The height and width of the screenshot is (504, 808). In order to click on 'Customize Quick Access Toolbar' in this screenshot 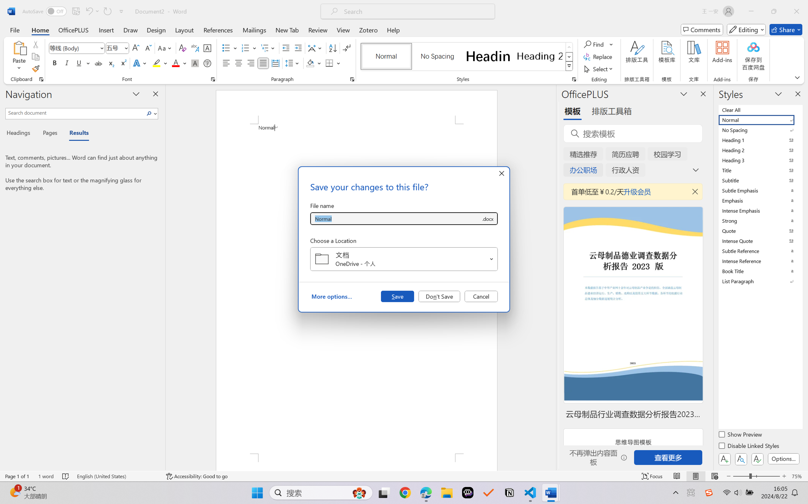, I will do `click(121, 11)`.